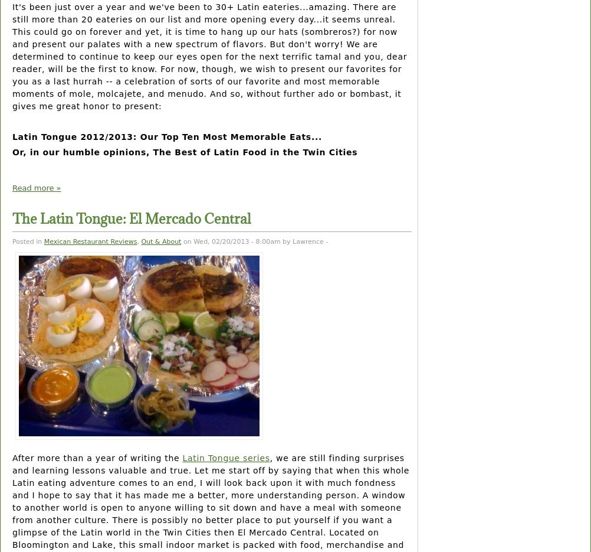 This screenshot has width=591, height=552. Describe the element at coordinates (160, 241) in the screenshot. I see `'Out & About'` at that location.